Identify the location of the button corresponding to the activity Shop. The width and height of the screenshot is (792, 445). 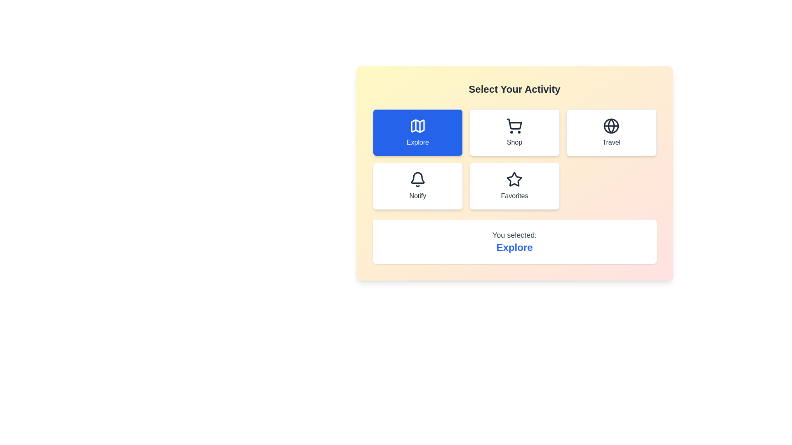
(514, 132).